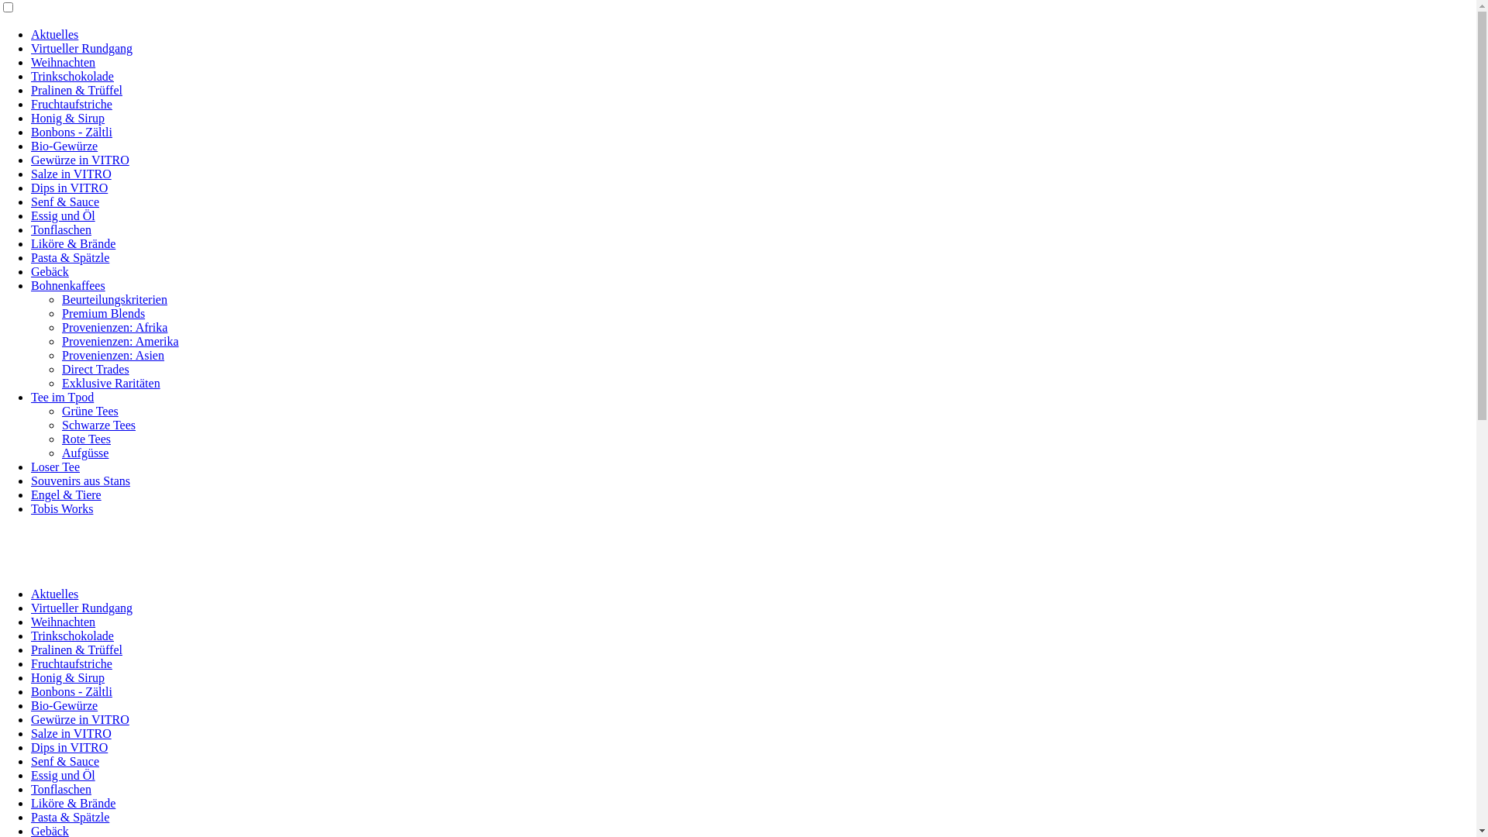  What do you see at coordinates (98, 425) in the screenshot?
I see `'Schwarze Tees'` at bounding box center [98, 425].